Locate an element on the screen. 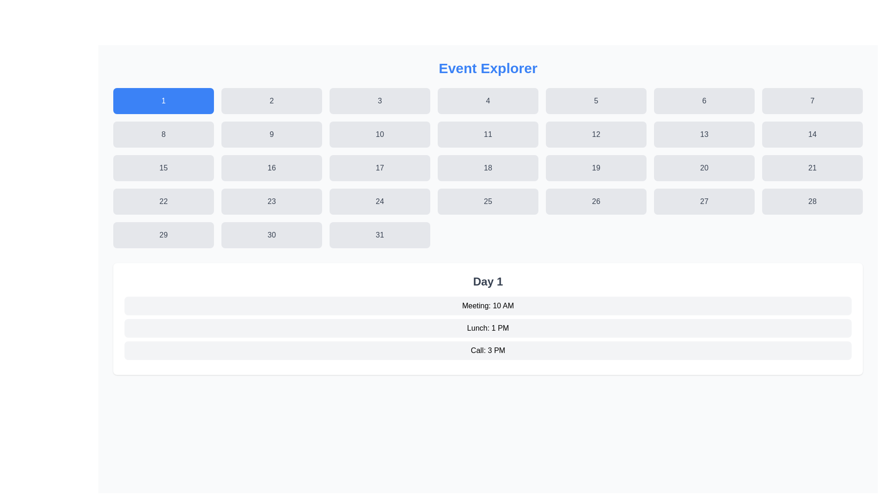  the selectable date button representing the number '31' in the bottom-right corner of the calendar grid is located at coordinates (380, 235).